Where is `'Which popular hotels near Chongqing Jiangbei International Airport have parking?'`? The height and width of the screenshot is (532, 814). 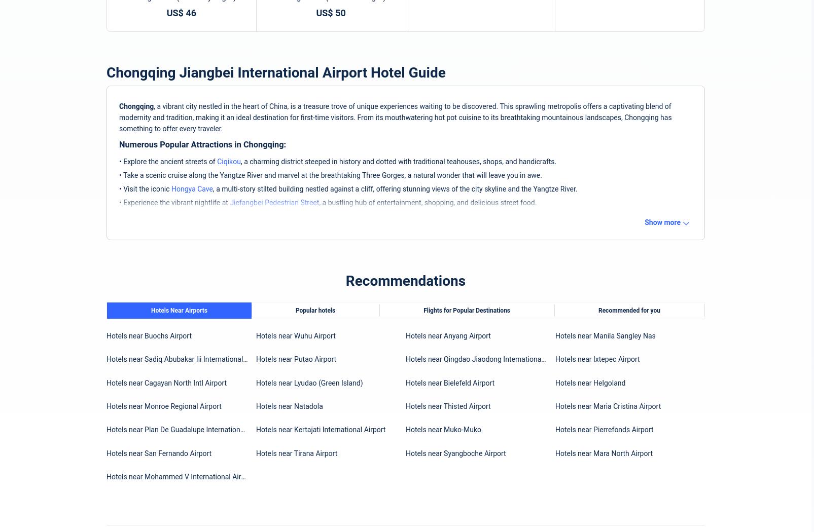 'Which popular hotels near Chongqing Jiangbei International Airport have parking?' is located at coordinates (265, 274).